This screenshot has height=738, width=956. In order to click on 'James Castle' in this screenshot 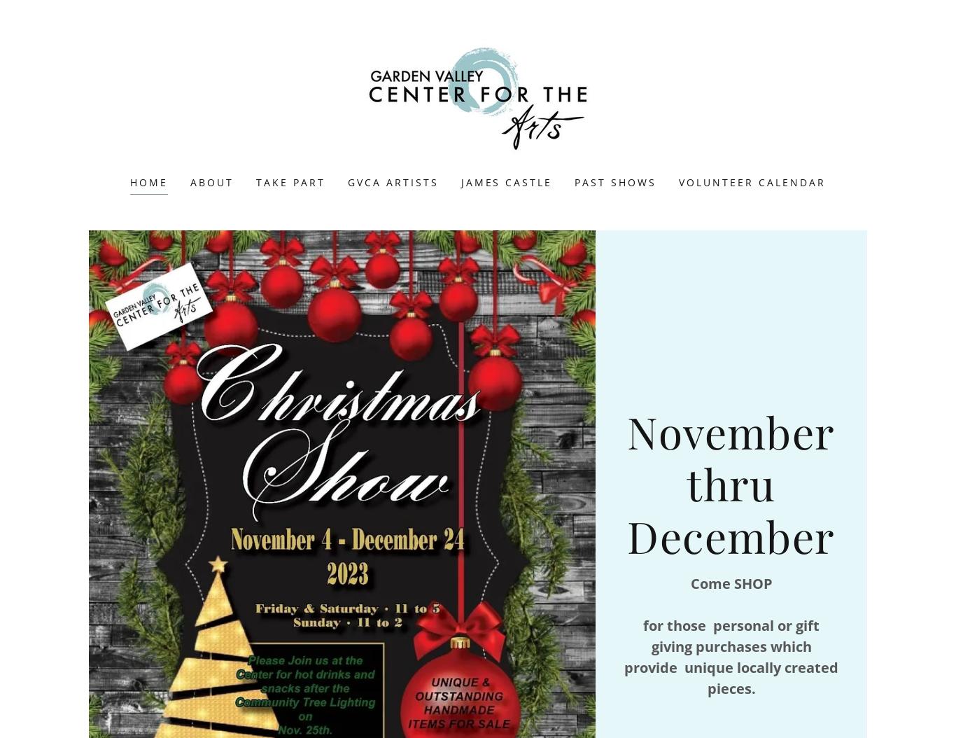, I will do `click(506, 182)`.